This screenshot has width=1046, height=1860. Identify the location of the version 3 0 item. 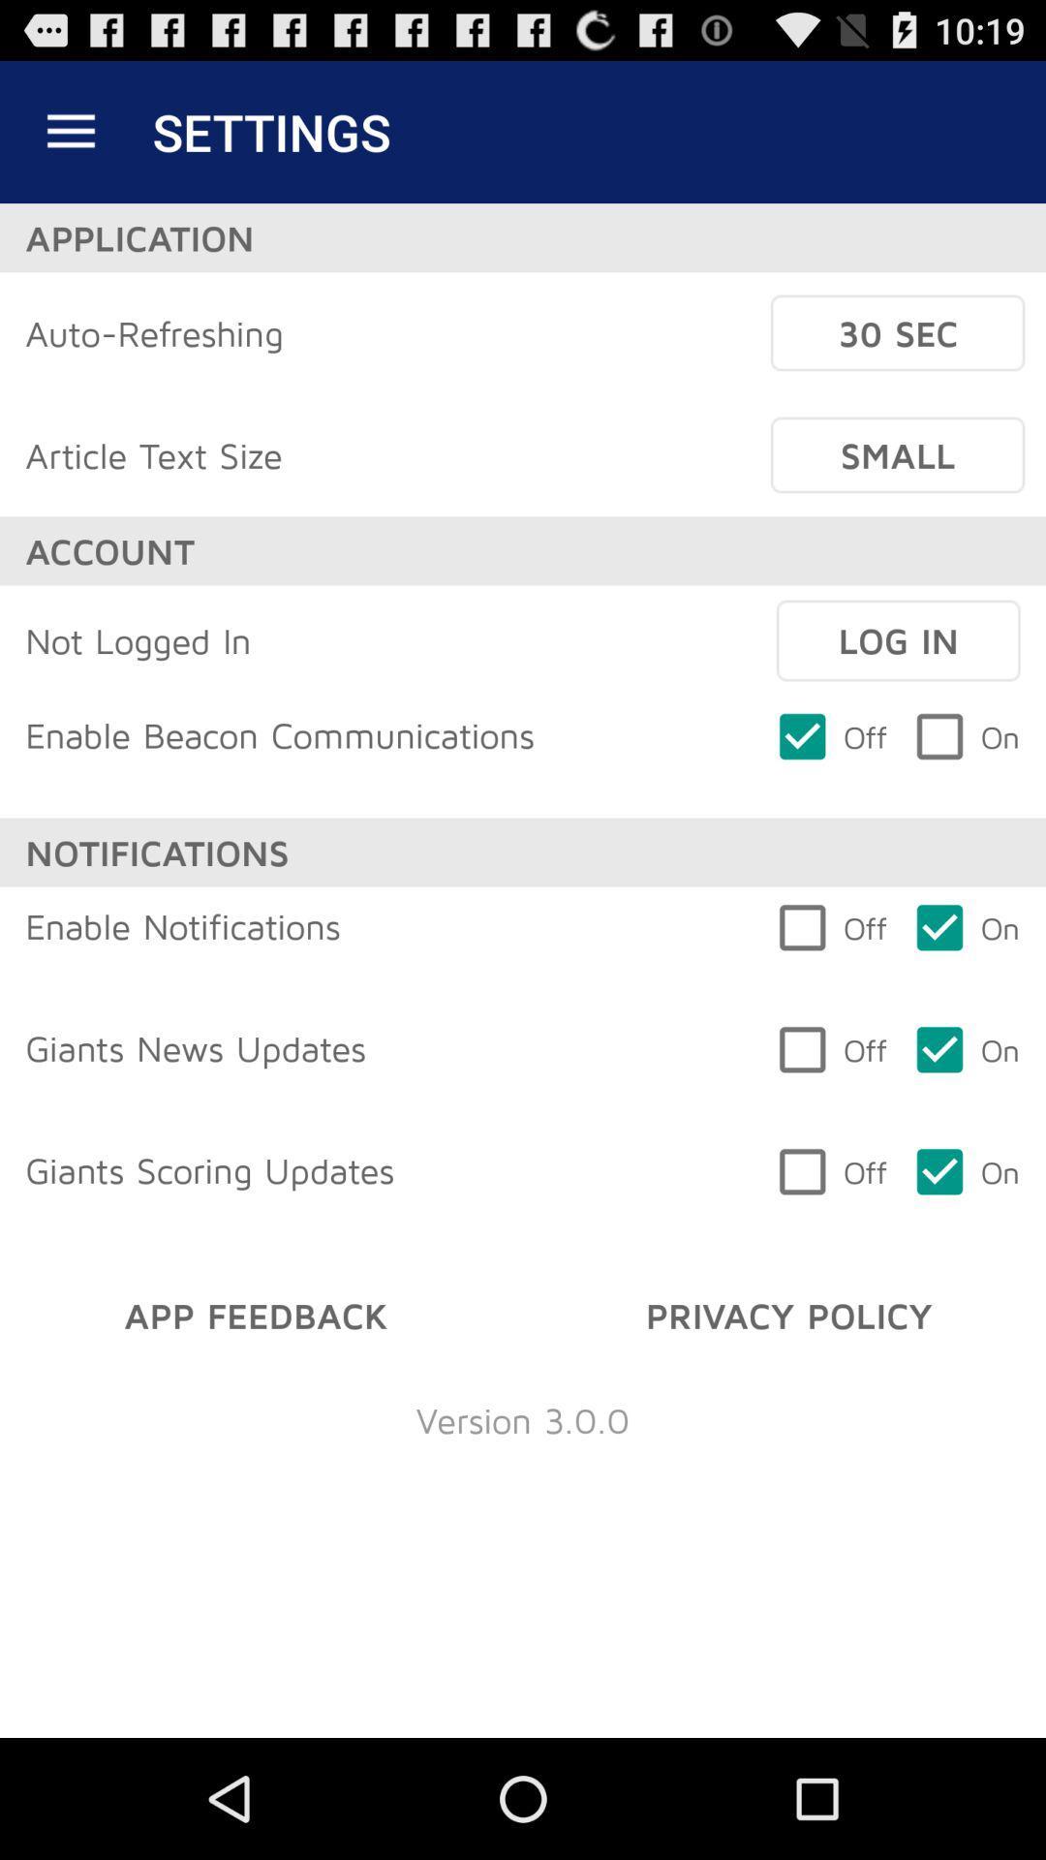
(523, 1419).